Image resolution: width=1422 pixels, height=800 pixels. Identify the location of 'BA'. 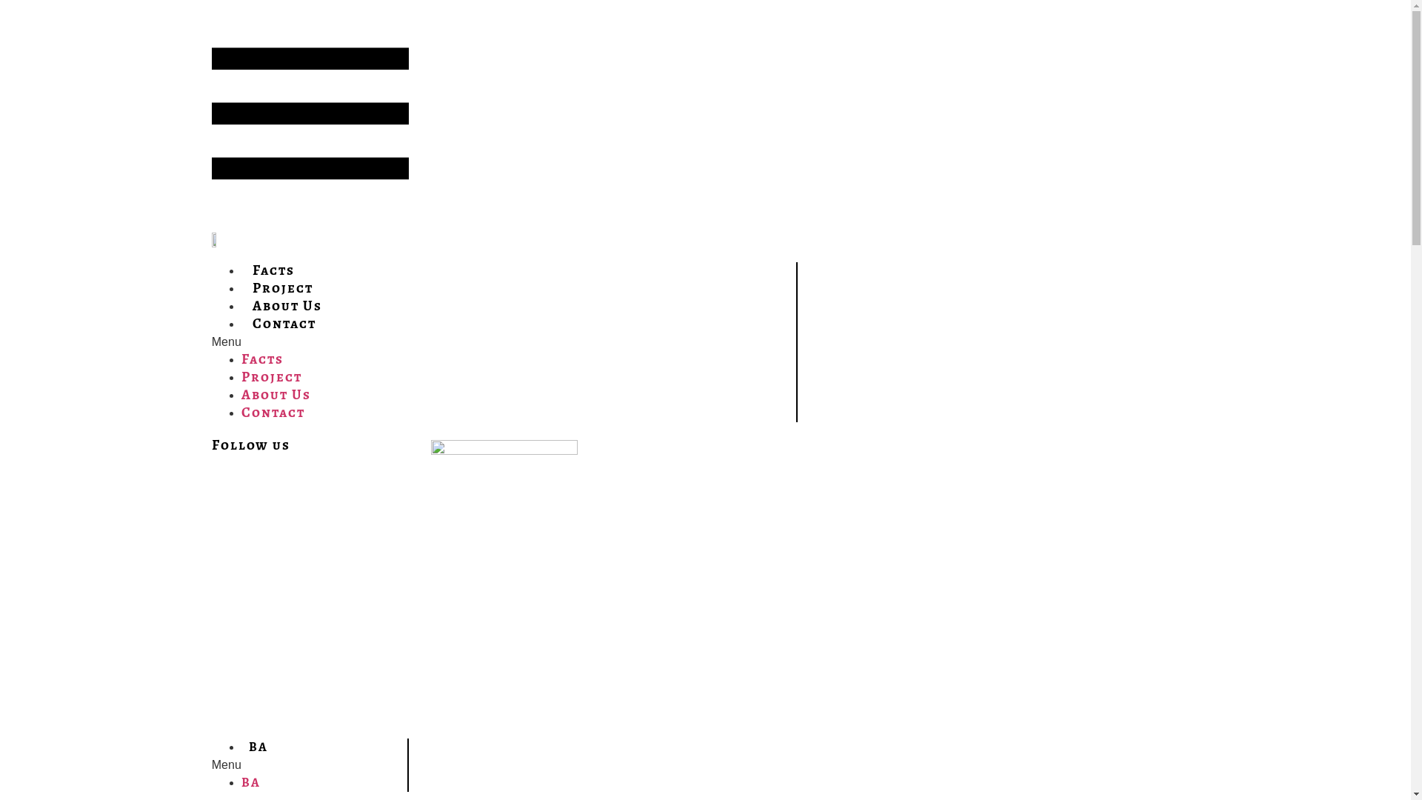
(258, 746).